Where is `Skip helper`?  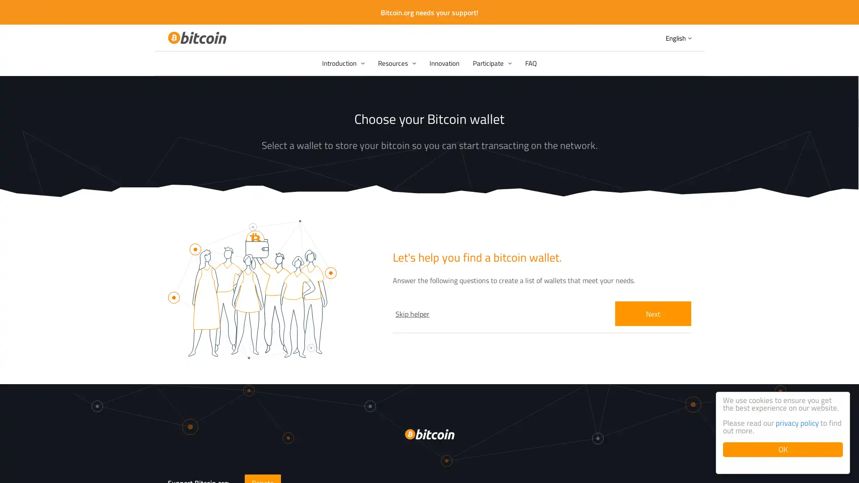
Skip helper is located at coordinates (412, 313).